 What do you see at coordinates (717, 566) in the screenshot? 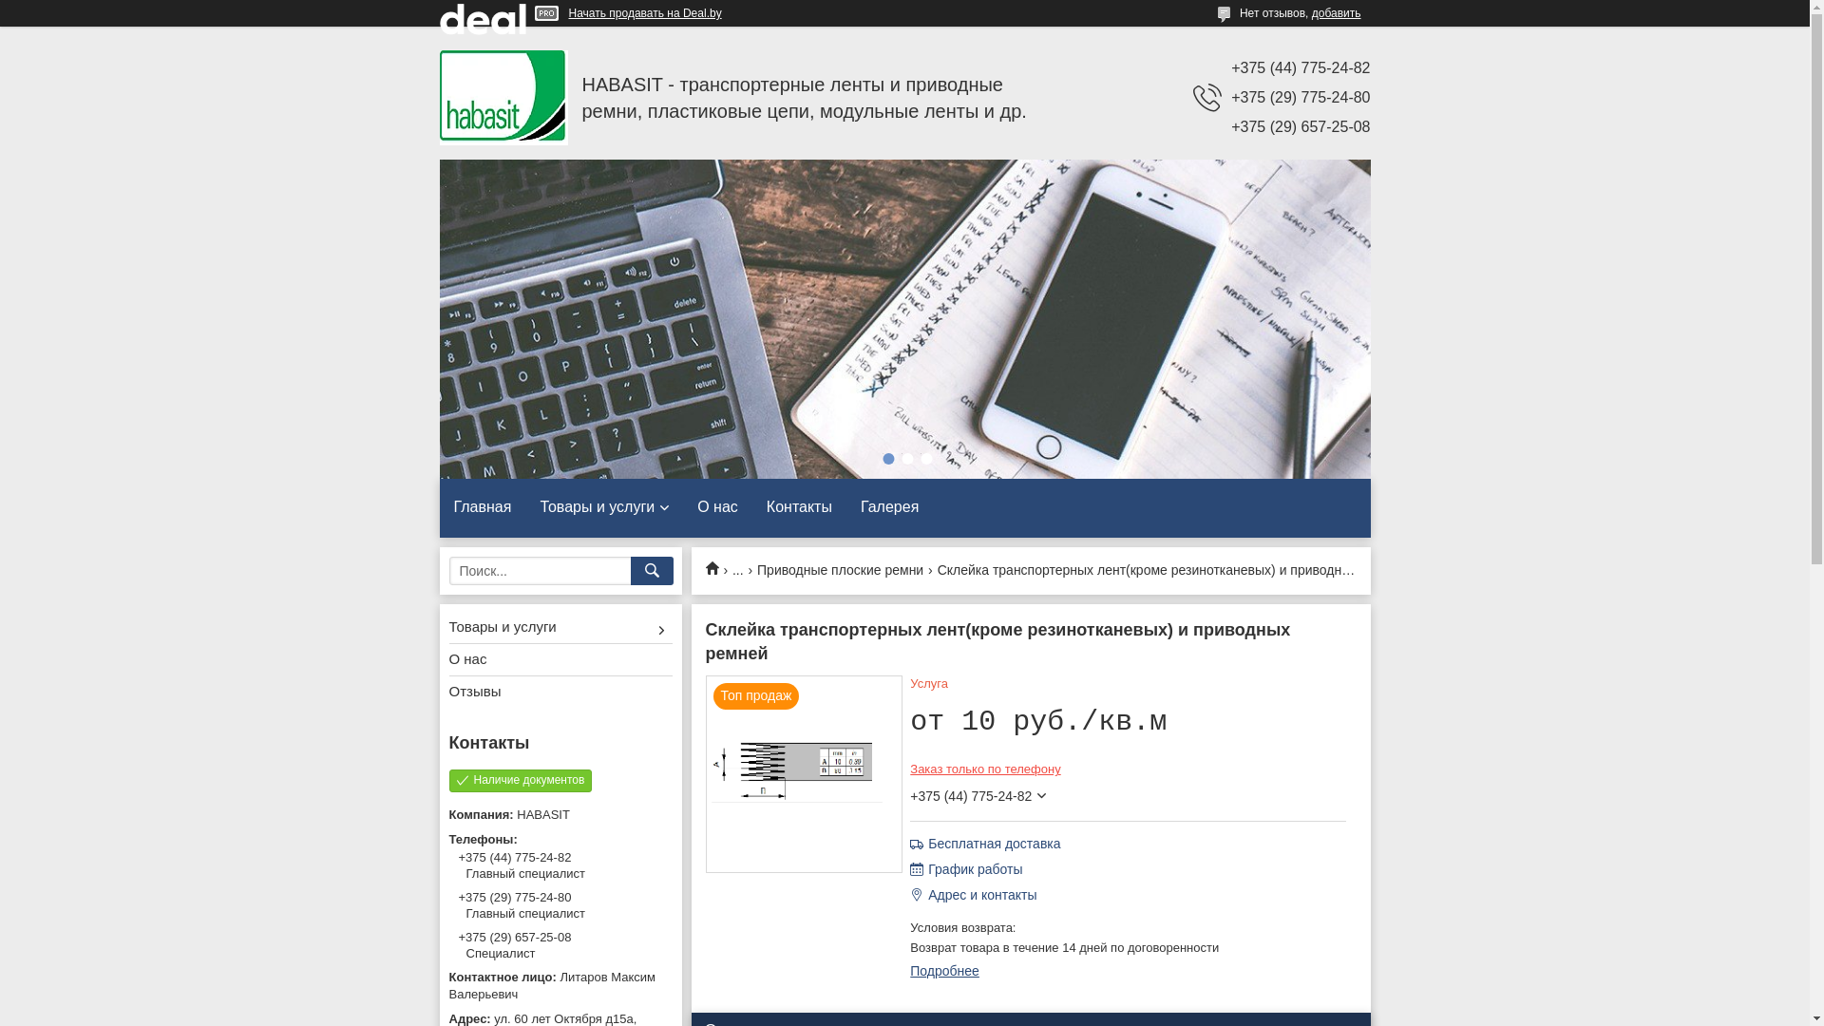
I see `'Habasit'` at bounding box center [717, 566].